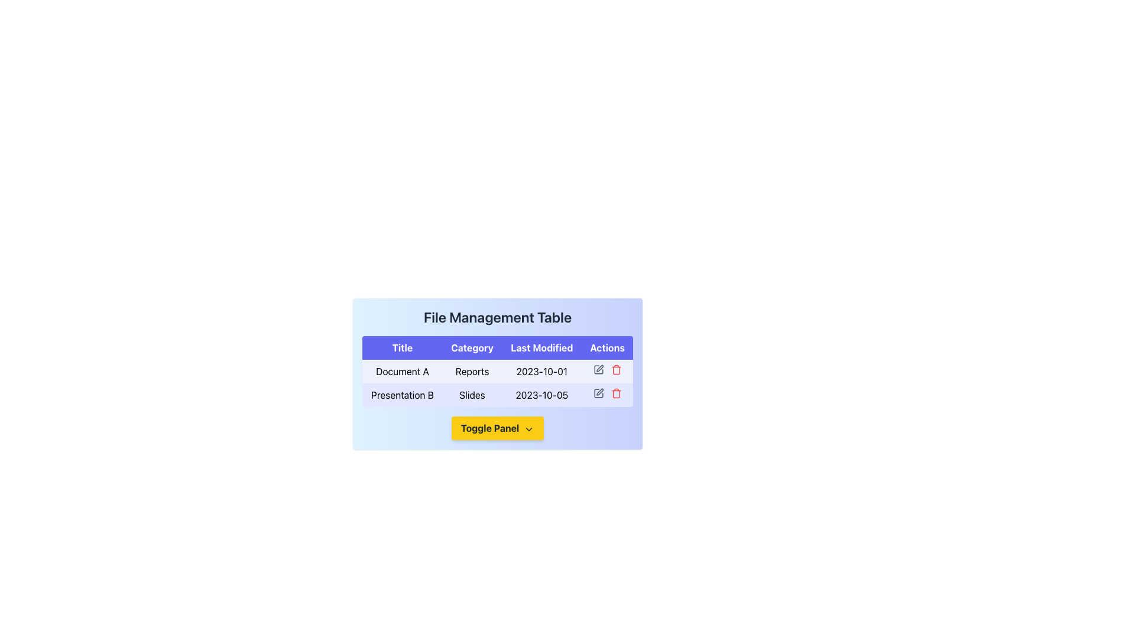  What do you see at coordinates (615, 369) in the screenshot?
I see `the delete button, which is the rightmost icon in the 'Actions' column of the second row in the table` at bounding box center [615, 369].